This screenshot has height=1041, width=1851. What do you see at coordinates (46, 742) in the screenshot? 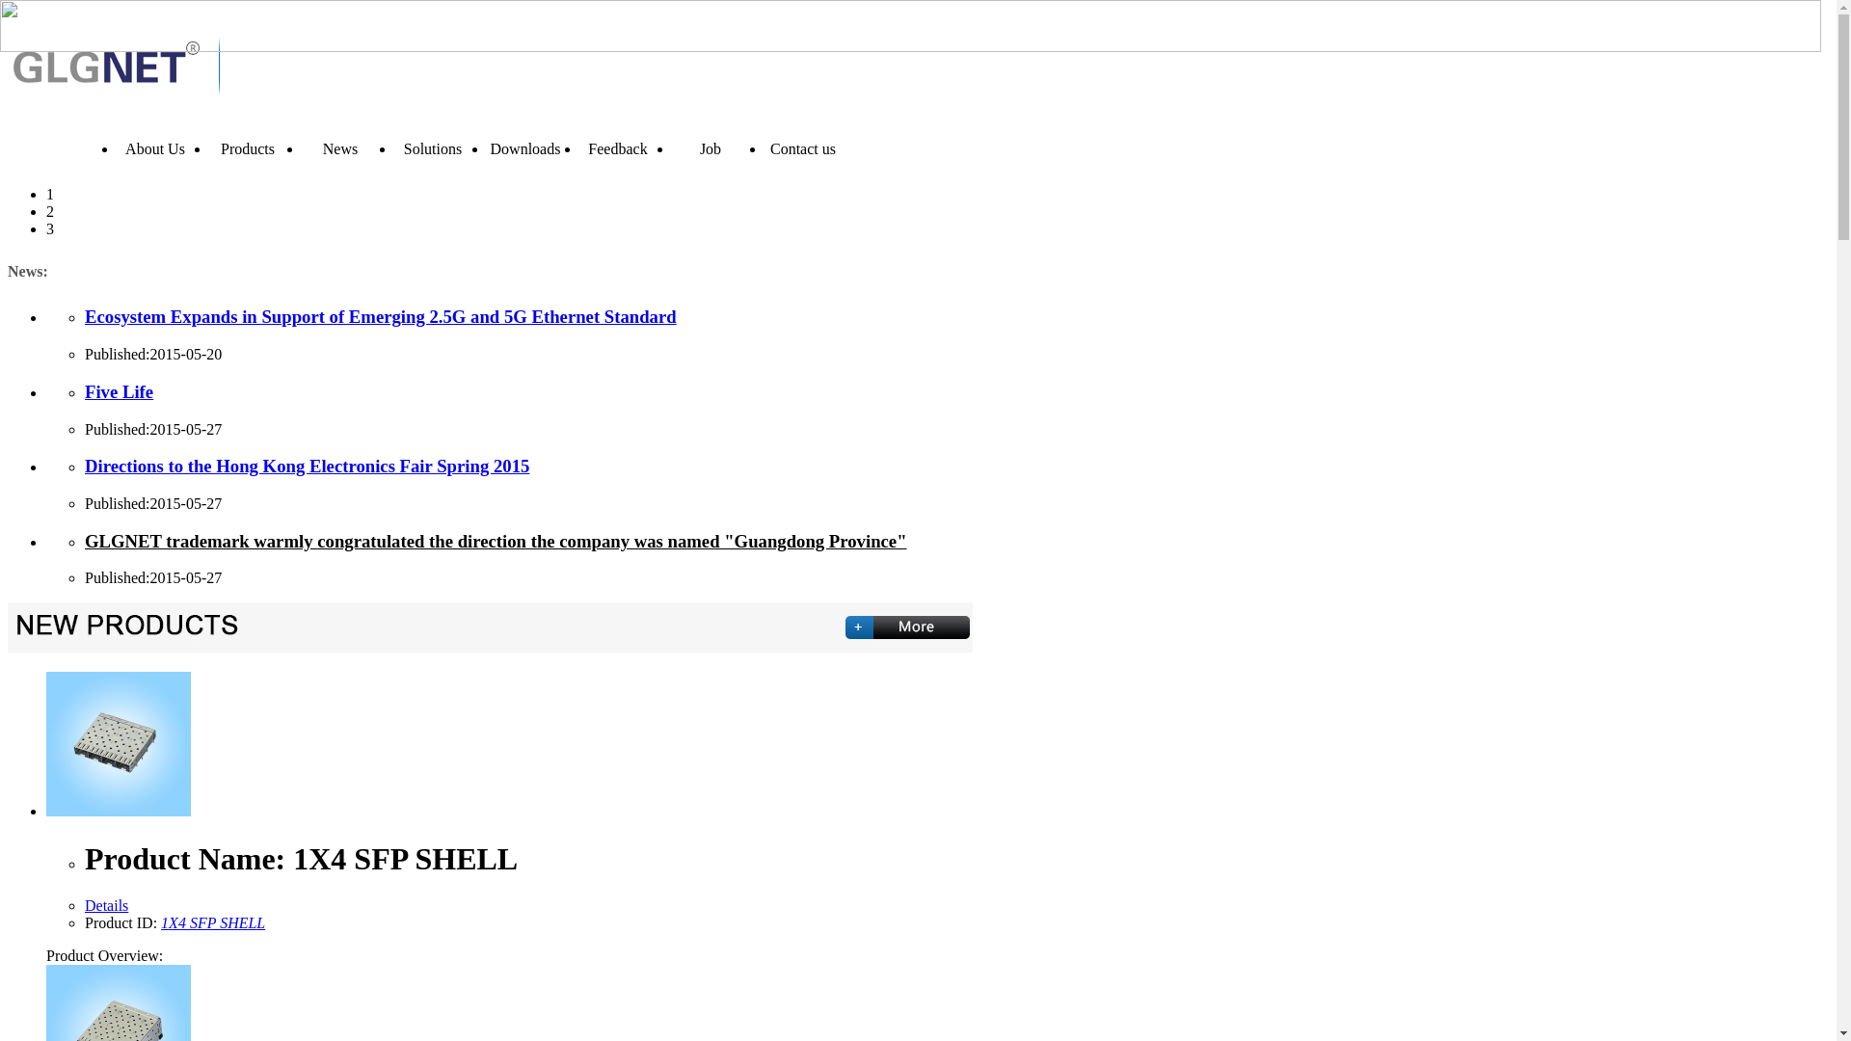
I see `'1X4 SFP SHELL'` at bounding box center [46, 742].